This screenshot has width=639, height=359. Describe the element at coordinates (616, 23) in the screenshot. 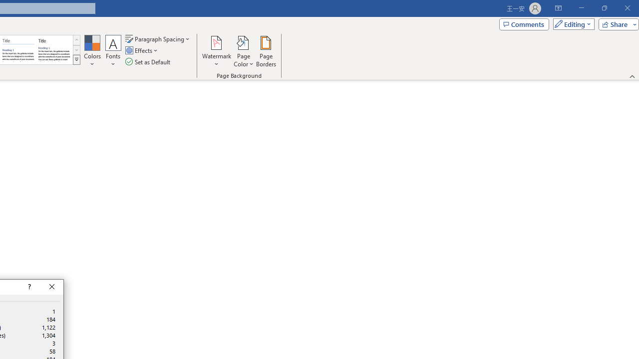

I see `'Share'` at that location.